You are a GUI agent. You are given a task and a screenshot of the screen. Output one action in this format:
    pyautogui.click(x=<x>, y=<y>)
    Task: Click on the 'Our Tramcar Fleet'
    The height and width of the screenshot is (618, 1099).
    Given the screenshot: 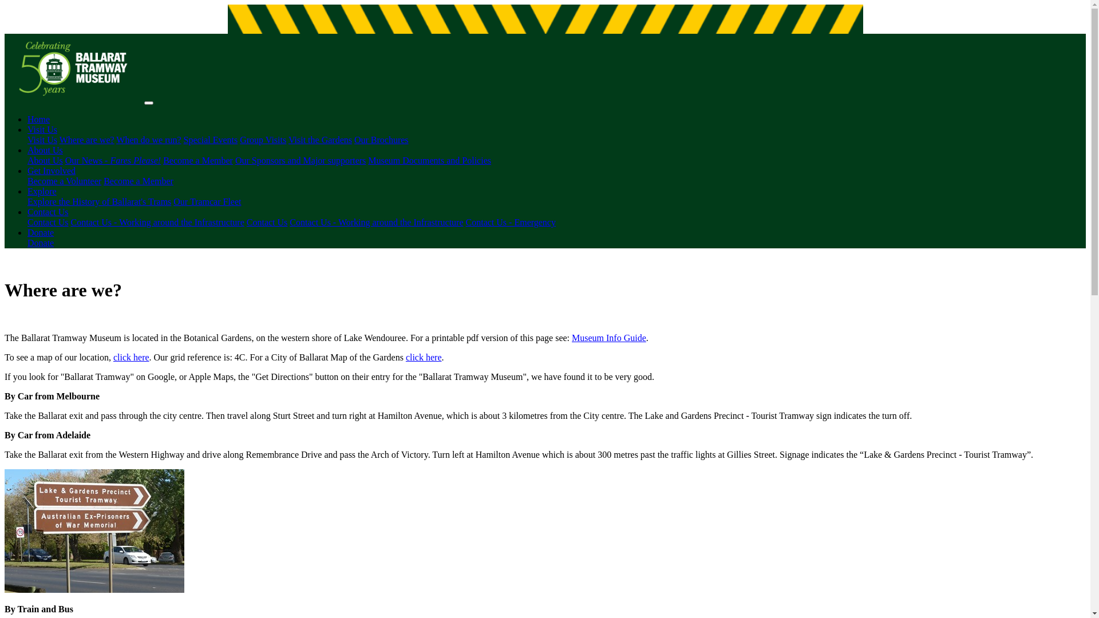 What is the action you would take?
    pyautogui.click(x=207, y=201)
    